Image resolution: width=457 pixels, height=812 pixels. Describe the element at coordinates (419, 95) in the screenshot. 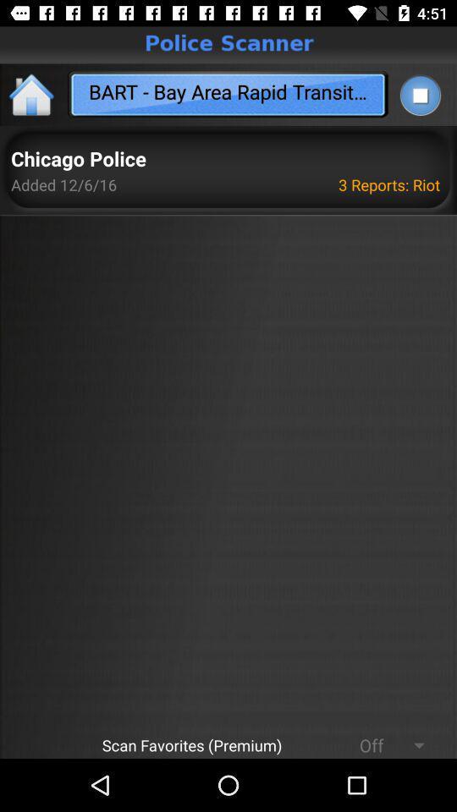

I see `icon above 3 reports: riot` at that location.